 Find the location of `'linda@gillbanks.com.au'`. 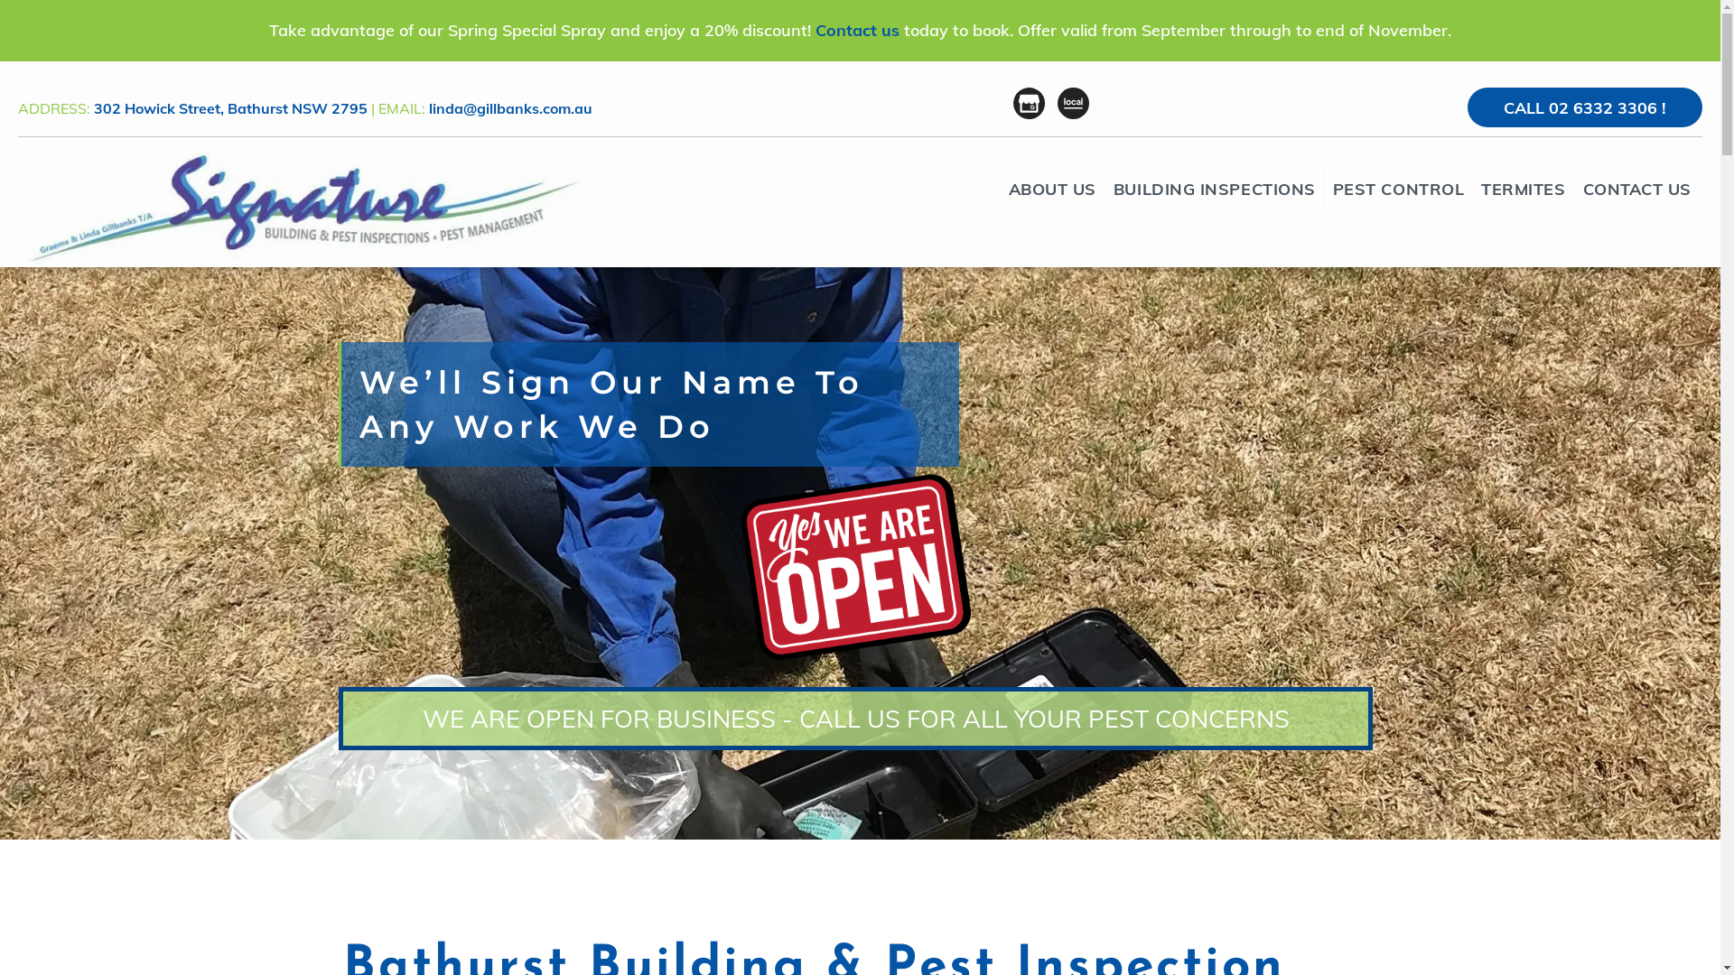

'linda@gillbanks.com.au' is located at coordinates (509, 107).